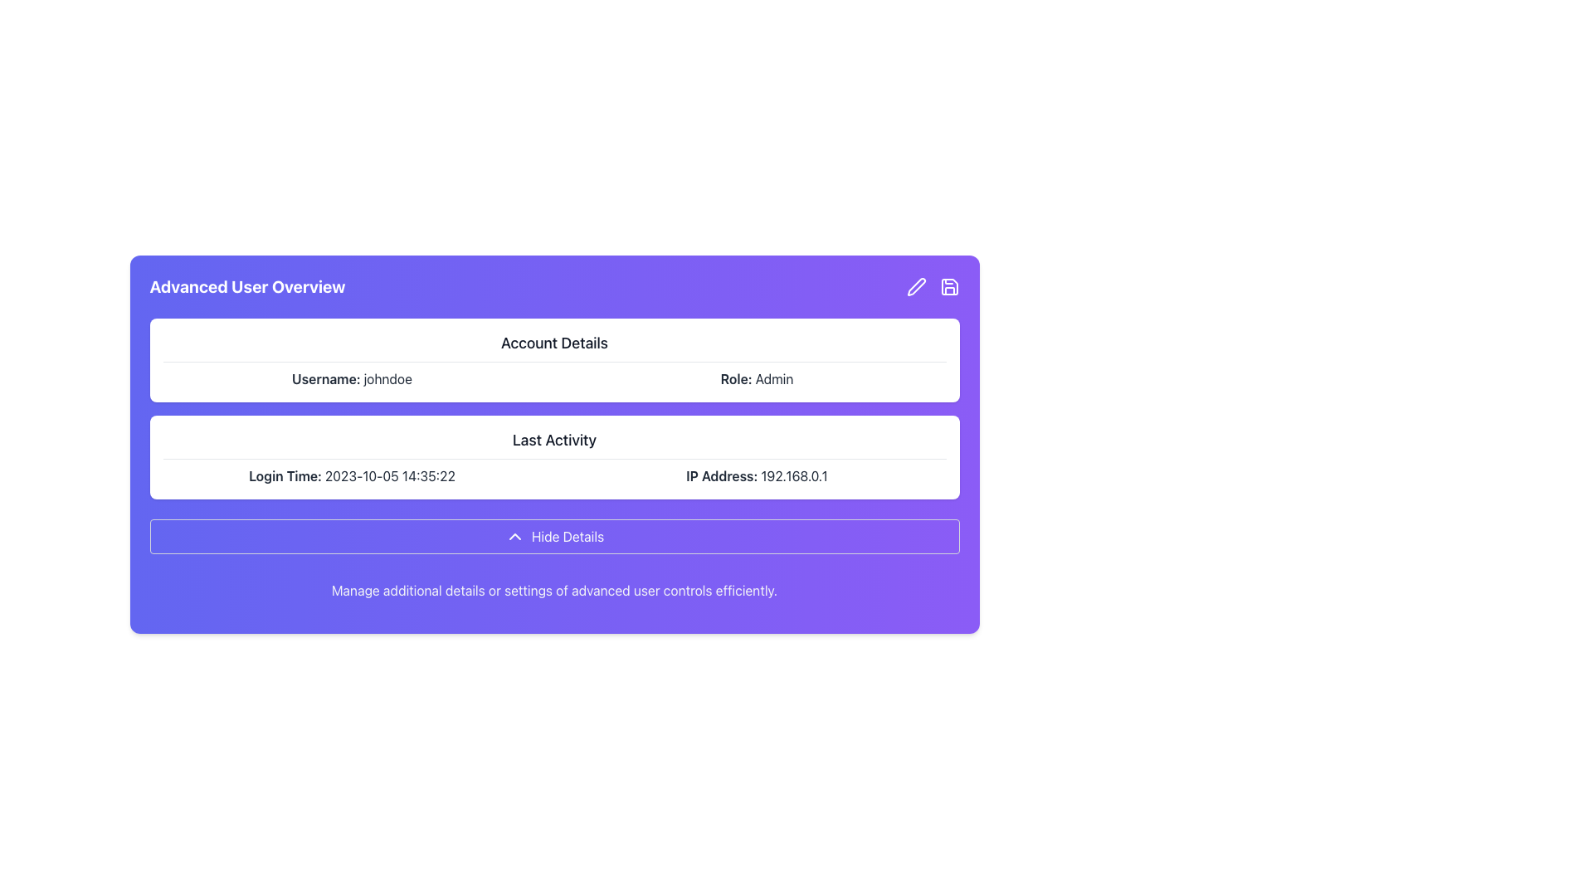 The image size is (1593, 896). Describe the element at coordinates (554, 443) in the screenshot. I see `the Text Label that serves as the header for the subsection containing login information and IP address, located directly below the 'Account Details' header` at that location.